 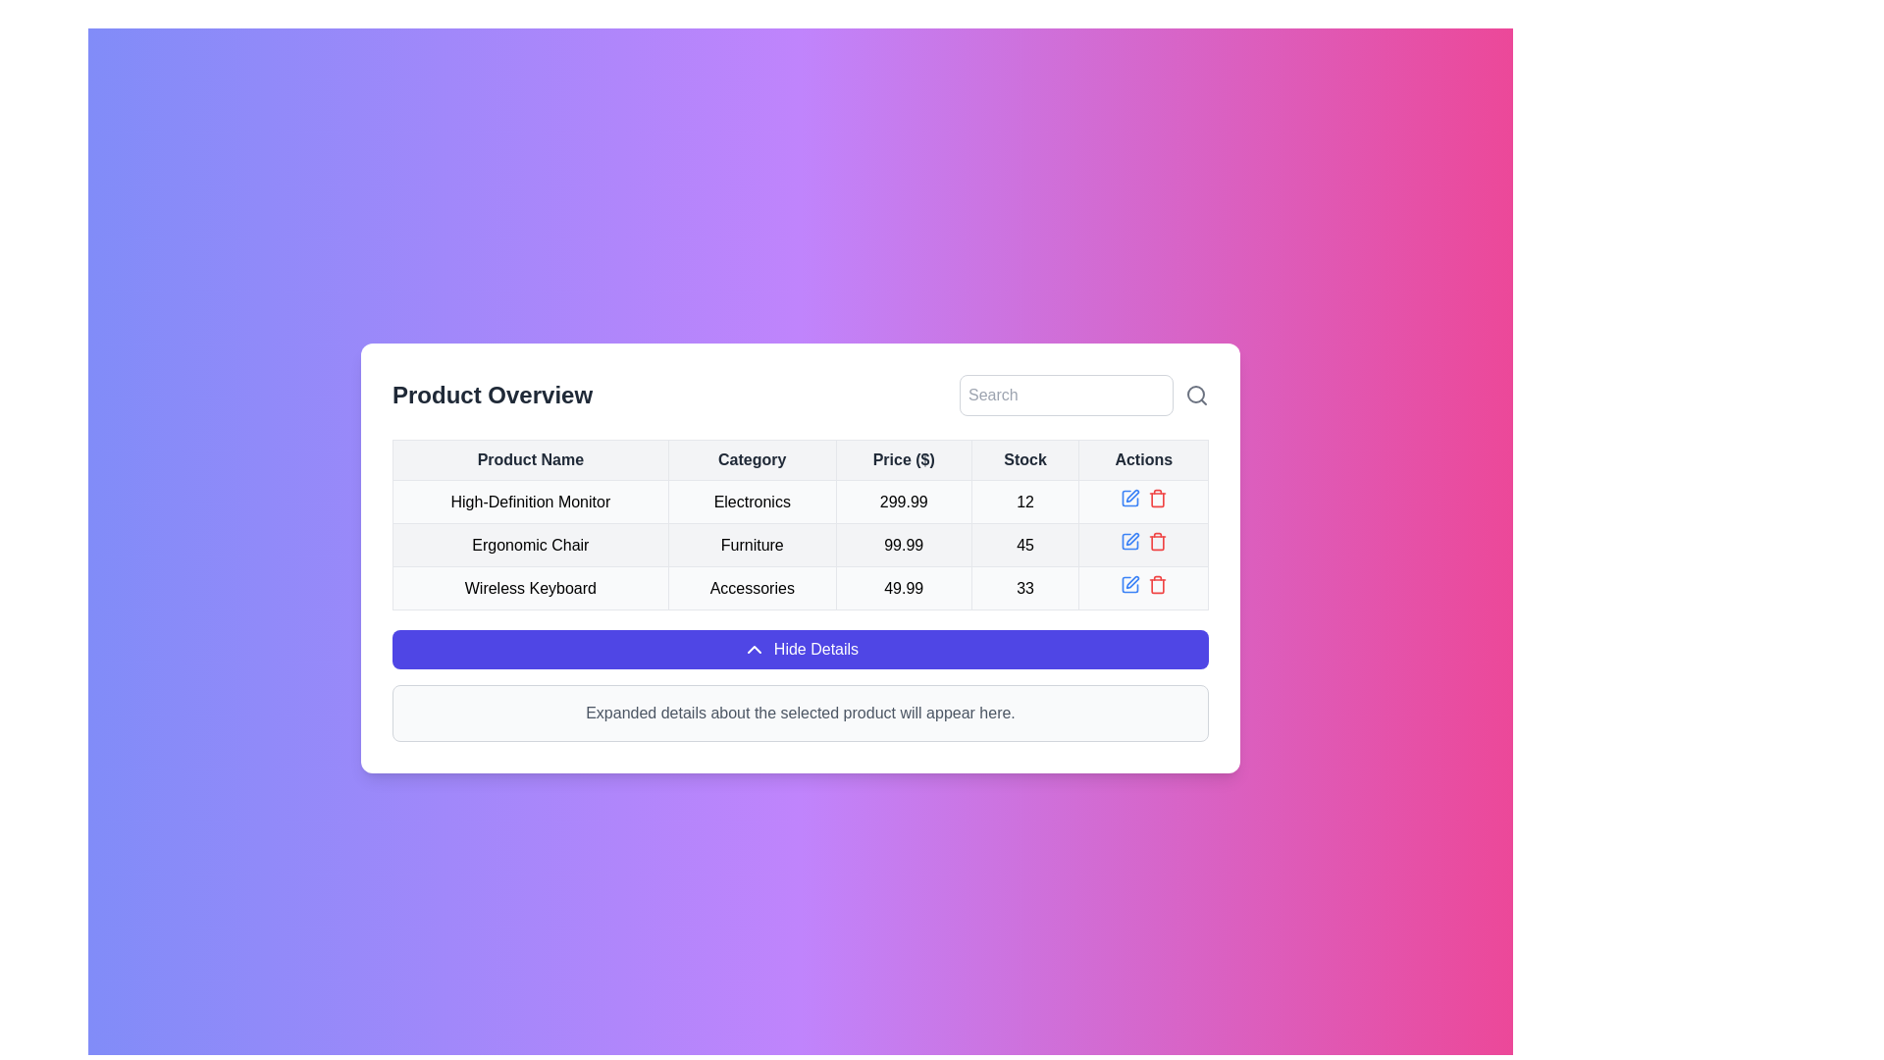 I want to click on the trash can icon in the 'Actions' column associated with the 'Ergonomic Chair' product entry, so click(x=1157, y=542).